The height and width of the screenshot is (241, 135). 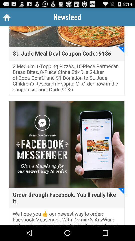 What do you see at coordinates (121, 50) in the screenshot?
I see `icon above 2 medium 1 item` at bounding box center [121, 50].